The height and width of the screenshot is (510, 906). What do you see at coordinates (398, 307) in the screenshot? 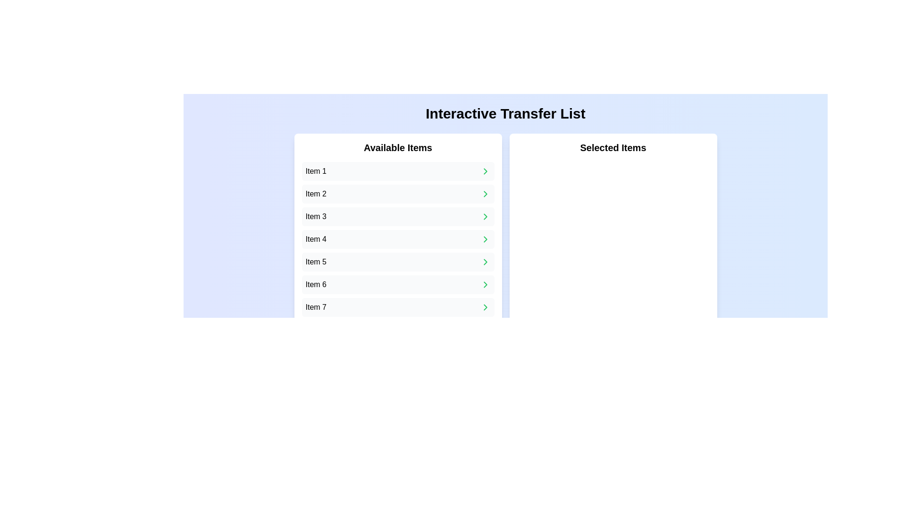
I see `the seventh item in the 'Available Items' list` at bounding box center [398, 307].